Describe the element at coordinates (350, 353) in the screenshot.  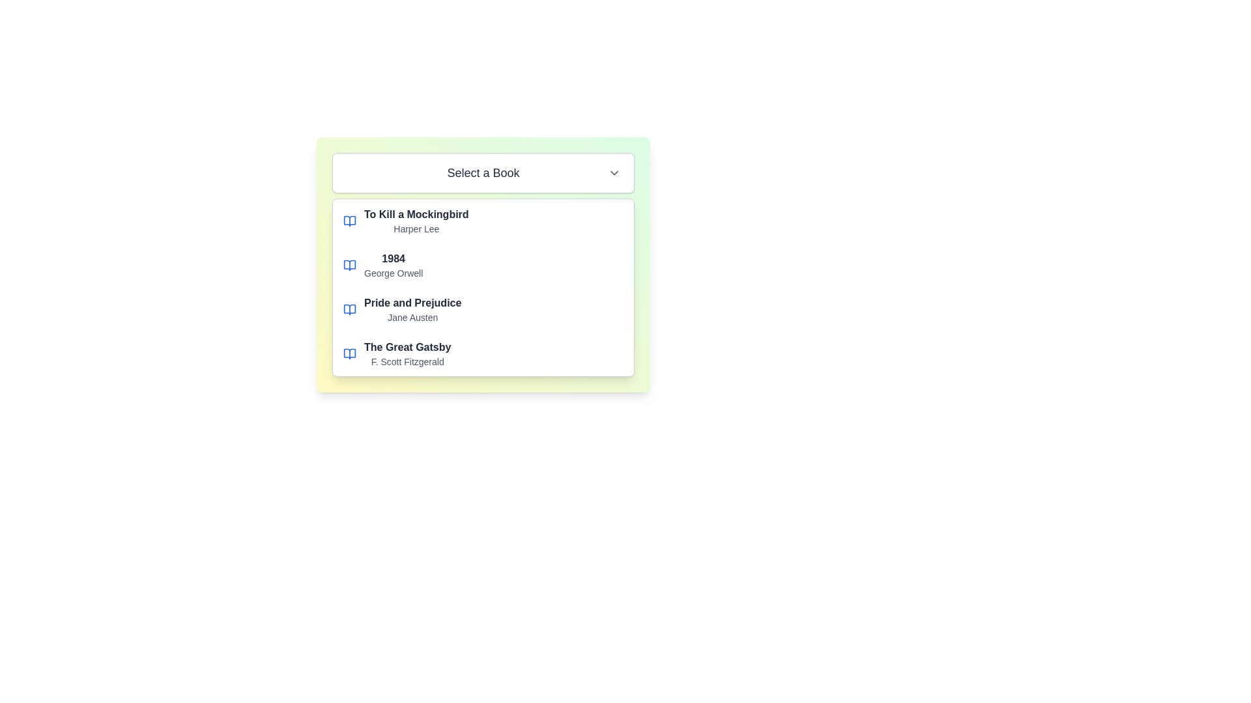
I see `the blue outlined book icon located to the left of the text 'The Great Gatsby' by 'F. Scott Fitzgerald'` at that location.